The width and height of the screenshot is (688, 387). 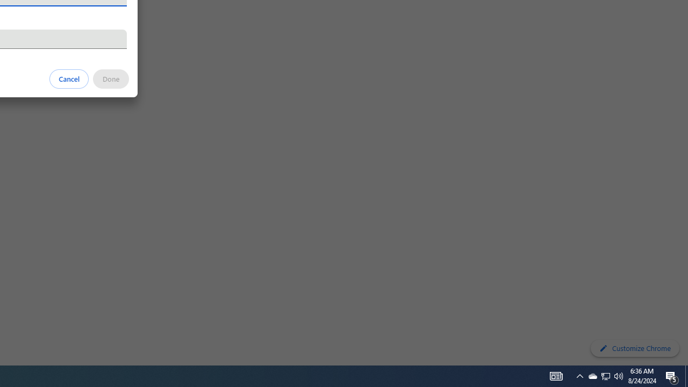 I want to click on 'Done', so click(x=111, y=78).